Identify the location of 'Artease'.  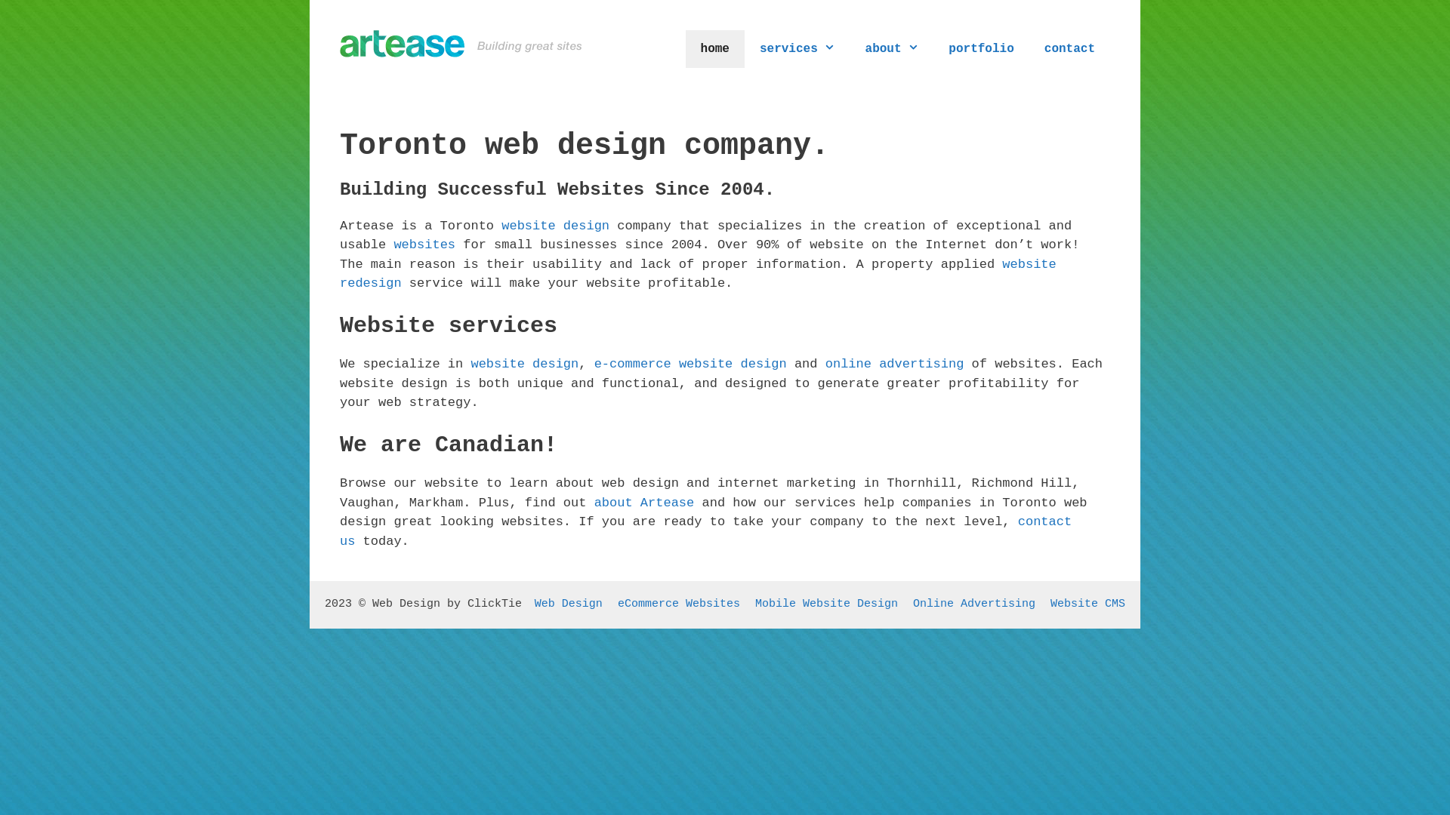
(339, 42).